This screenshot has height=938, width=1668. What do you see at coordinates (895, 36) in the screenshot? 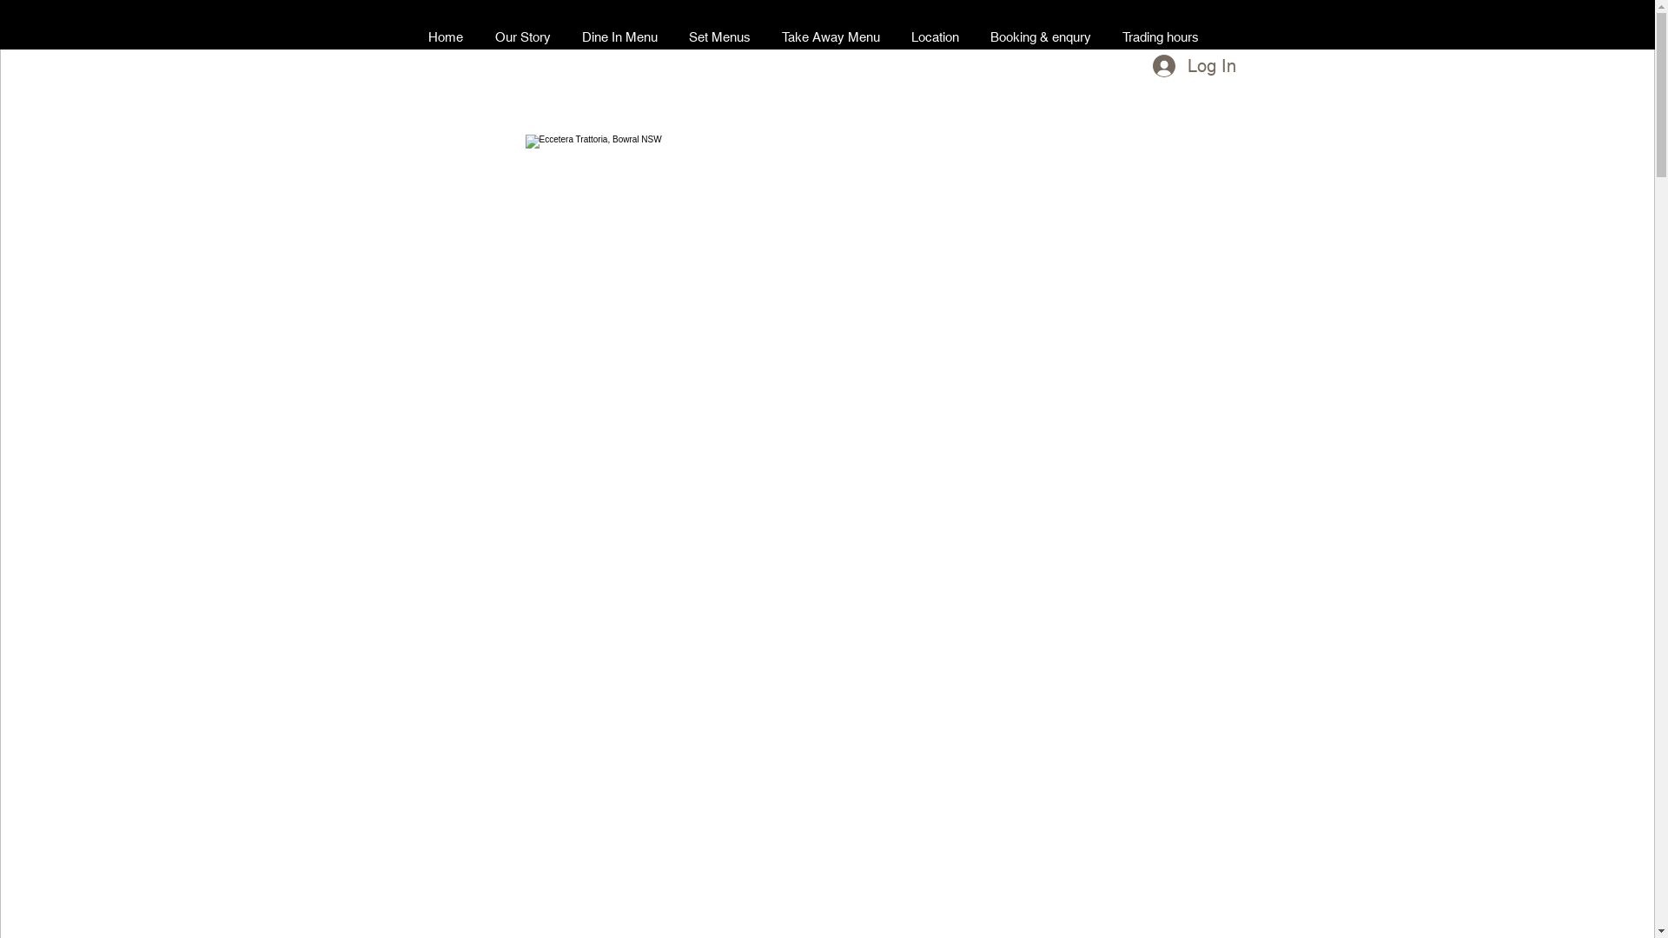
I see `'Location'` at bounding box center [895, 36].